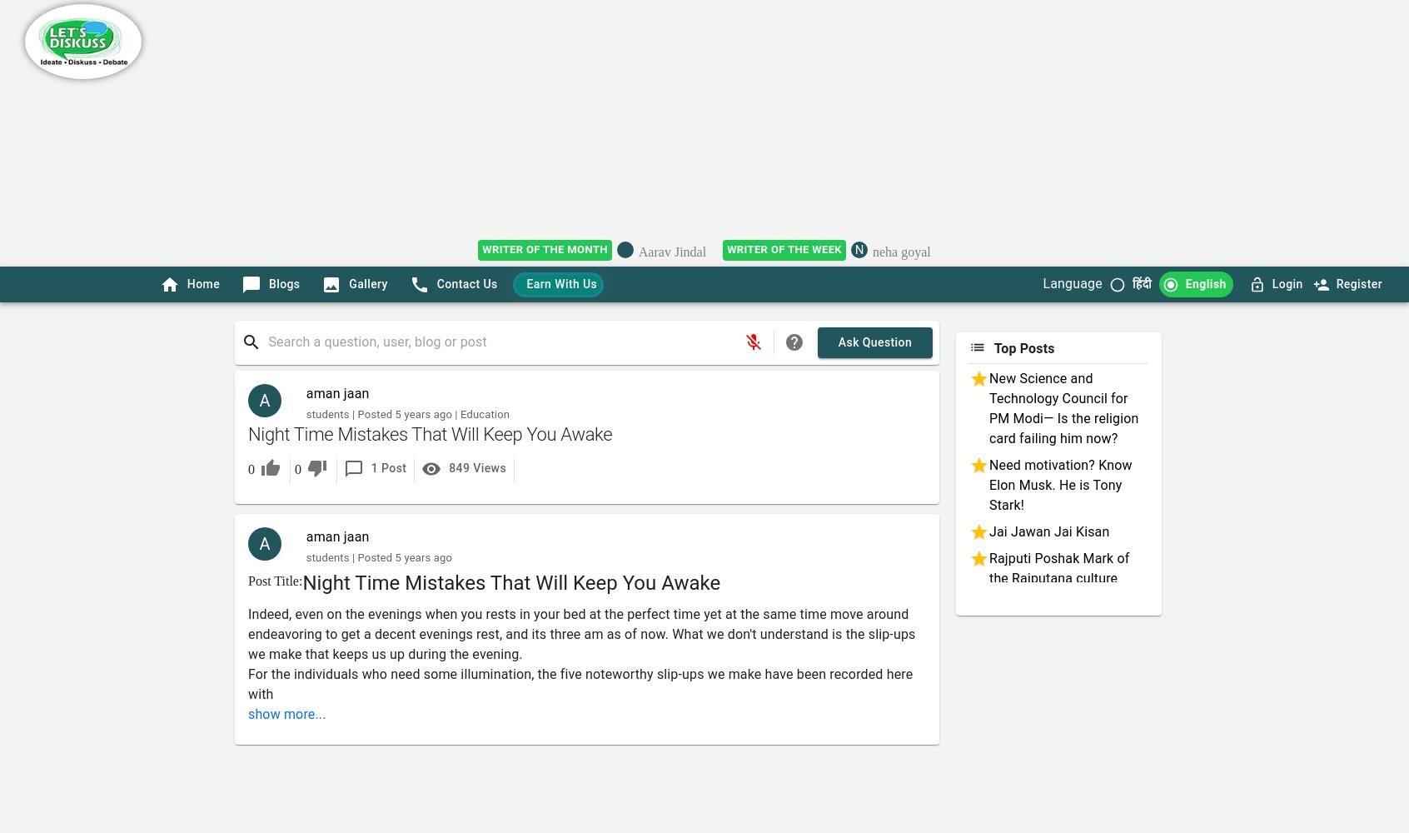 The image size is (1409, 833). I want to click on 'Ask Question', so click(874, 342).